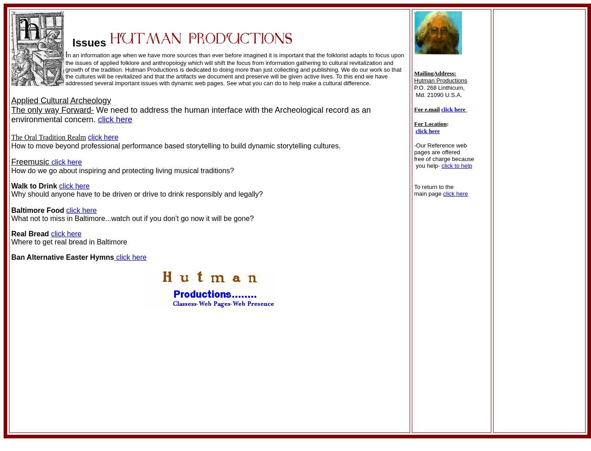 The height and width of the screenshot is (451, 591). I want to click on 'How do we go about inspiring and protecting living 
      musical traditions?', so click(11, 170).